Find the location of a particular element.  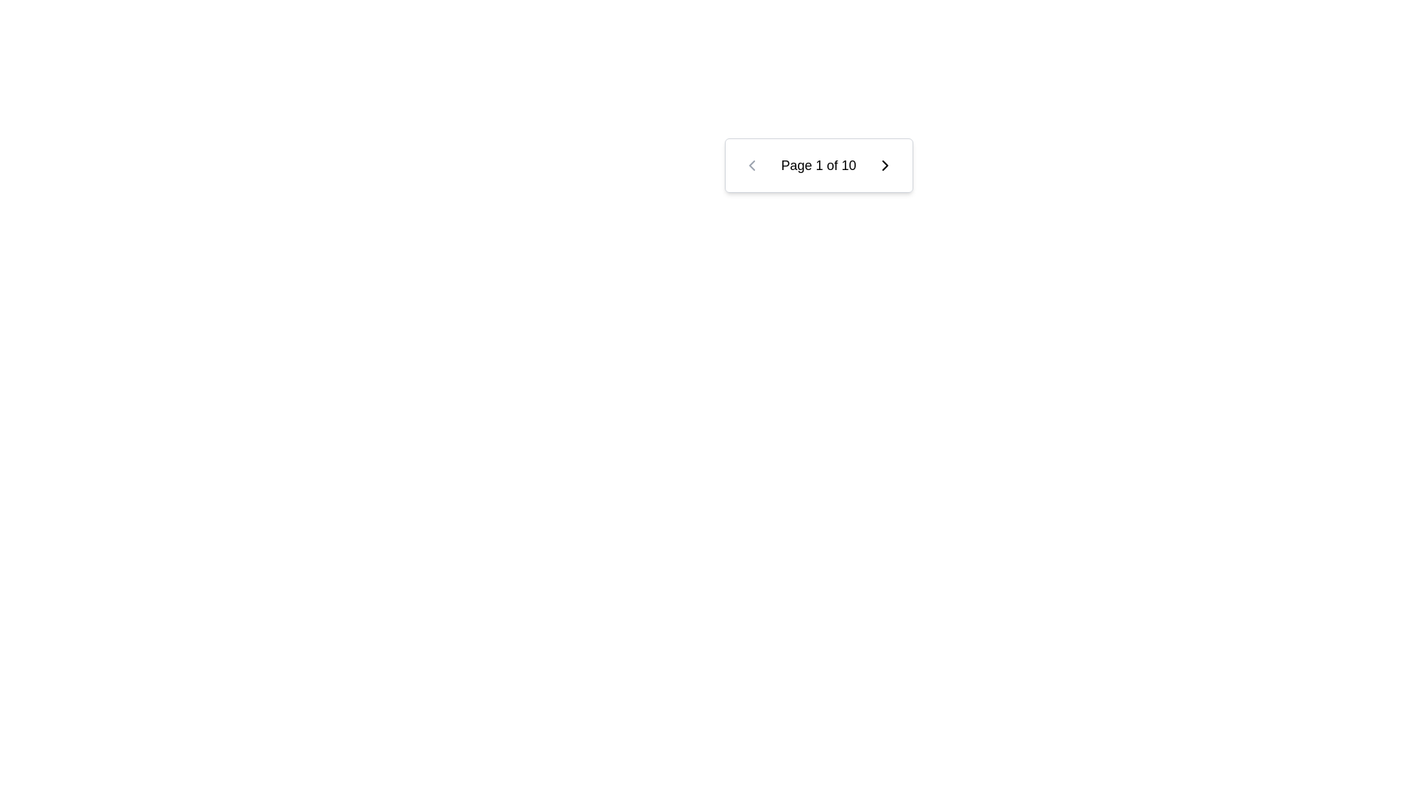

the text element that displays the current page information in the pagination system, which is centrally placed within a rectangular box with rounded corners is located at coordinates (818, 165).